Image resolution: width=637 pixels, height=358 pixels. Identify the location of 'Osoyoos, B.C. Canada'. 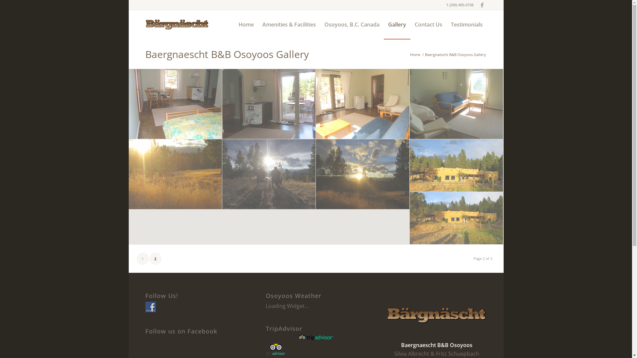
(351, 24).